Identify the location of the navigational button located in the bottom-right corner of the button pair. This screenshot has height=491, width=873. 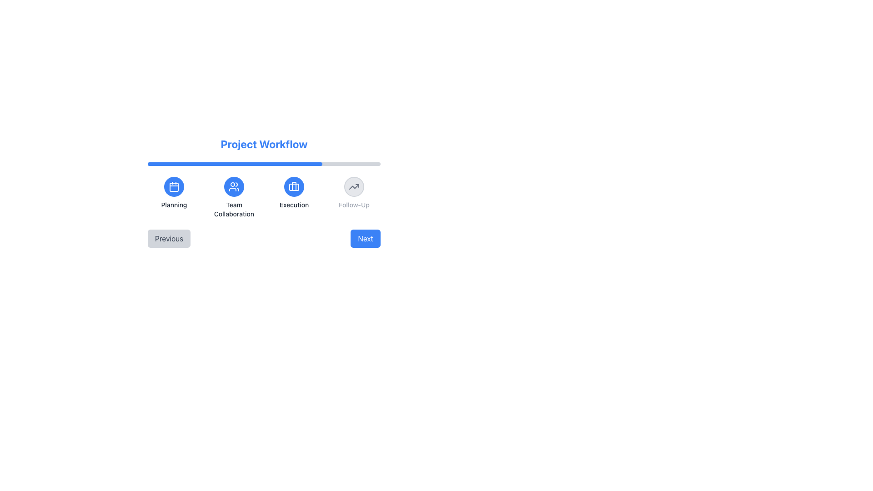
(366, 238).